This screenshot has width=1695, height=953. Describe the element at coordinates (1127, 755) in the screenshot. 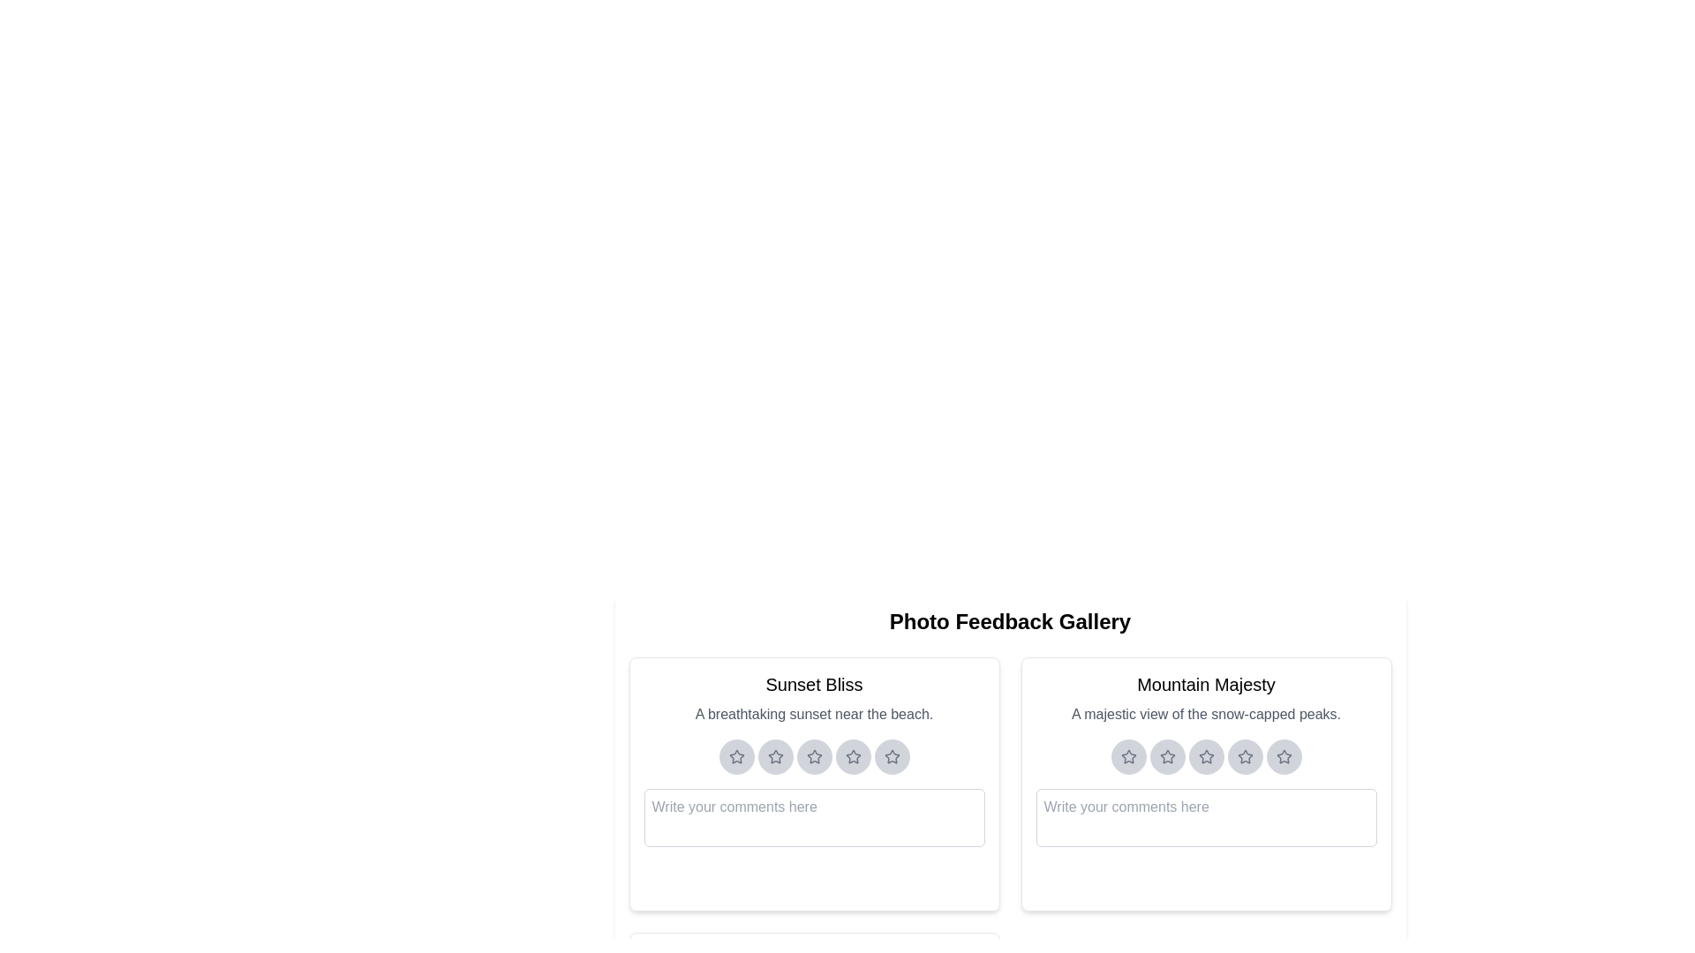

I see `the first star icon for rating in the 'Mountain Majesty' card` at that location.